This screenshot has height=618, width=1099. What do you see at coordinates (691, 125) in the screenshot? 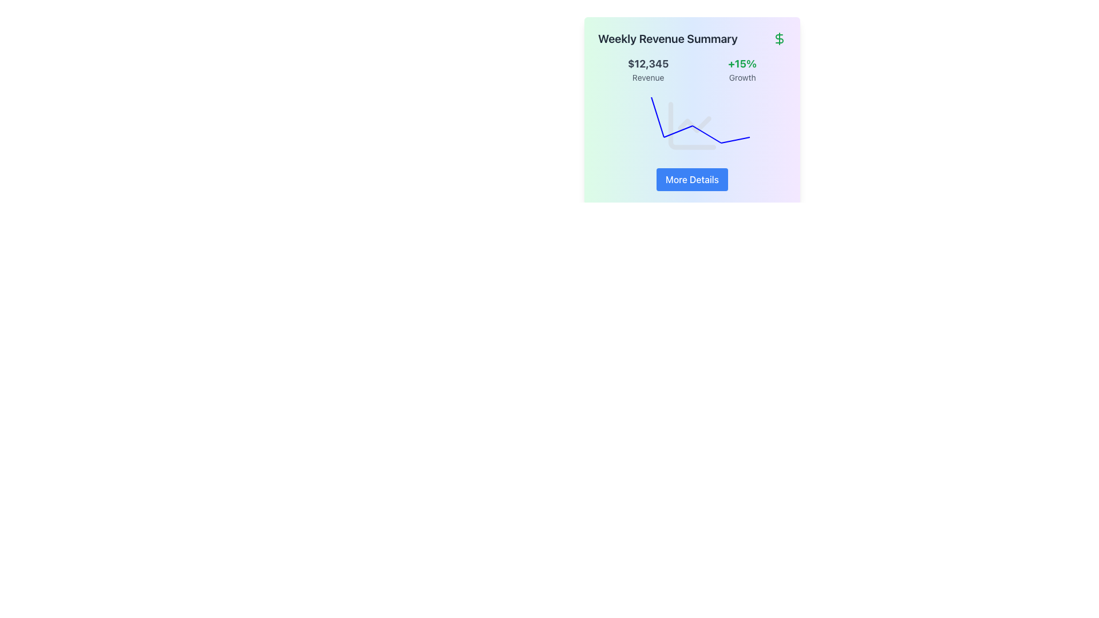
I see `the visual data representation of the Graphical Display located in the 'Weekly Revenue Summary' section, which is situated below the '$12,345 Revenue +15% Growth' text and above the 'More Details' button` at bounding box center [691, 125].